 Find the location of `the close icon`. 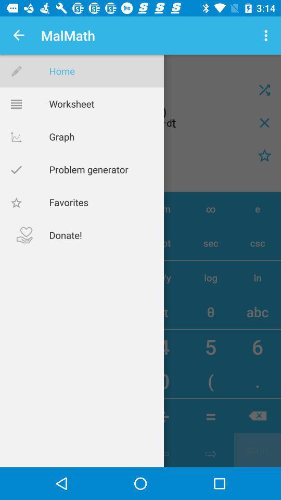

the close icon is located at coordinates (264, 122).